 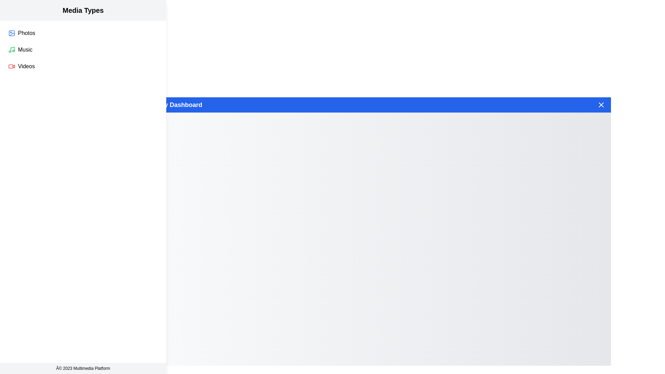 What do you see at coordinates (11, 66) in the screenshot?
I see `the appearance of the vibrant red camcorder icon located beside the text 'Videos' in the left sidebar` at bounding box center [11, 66].